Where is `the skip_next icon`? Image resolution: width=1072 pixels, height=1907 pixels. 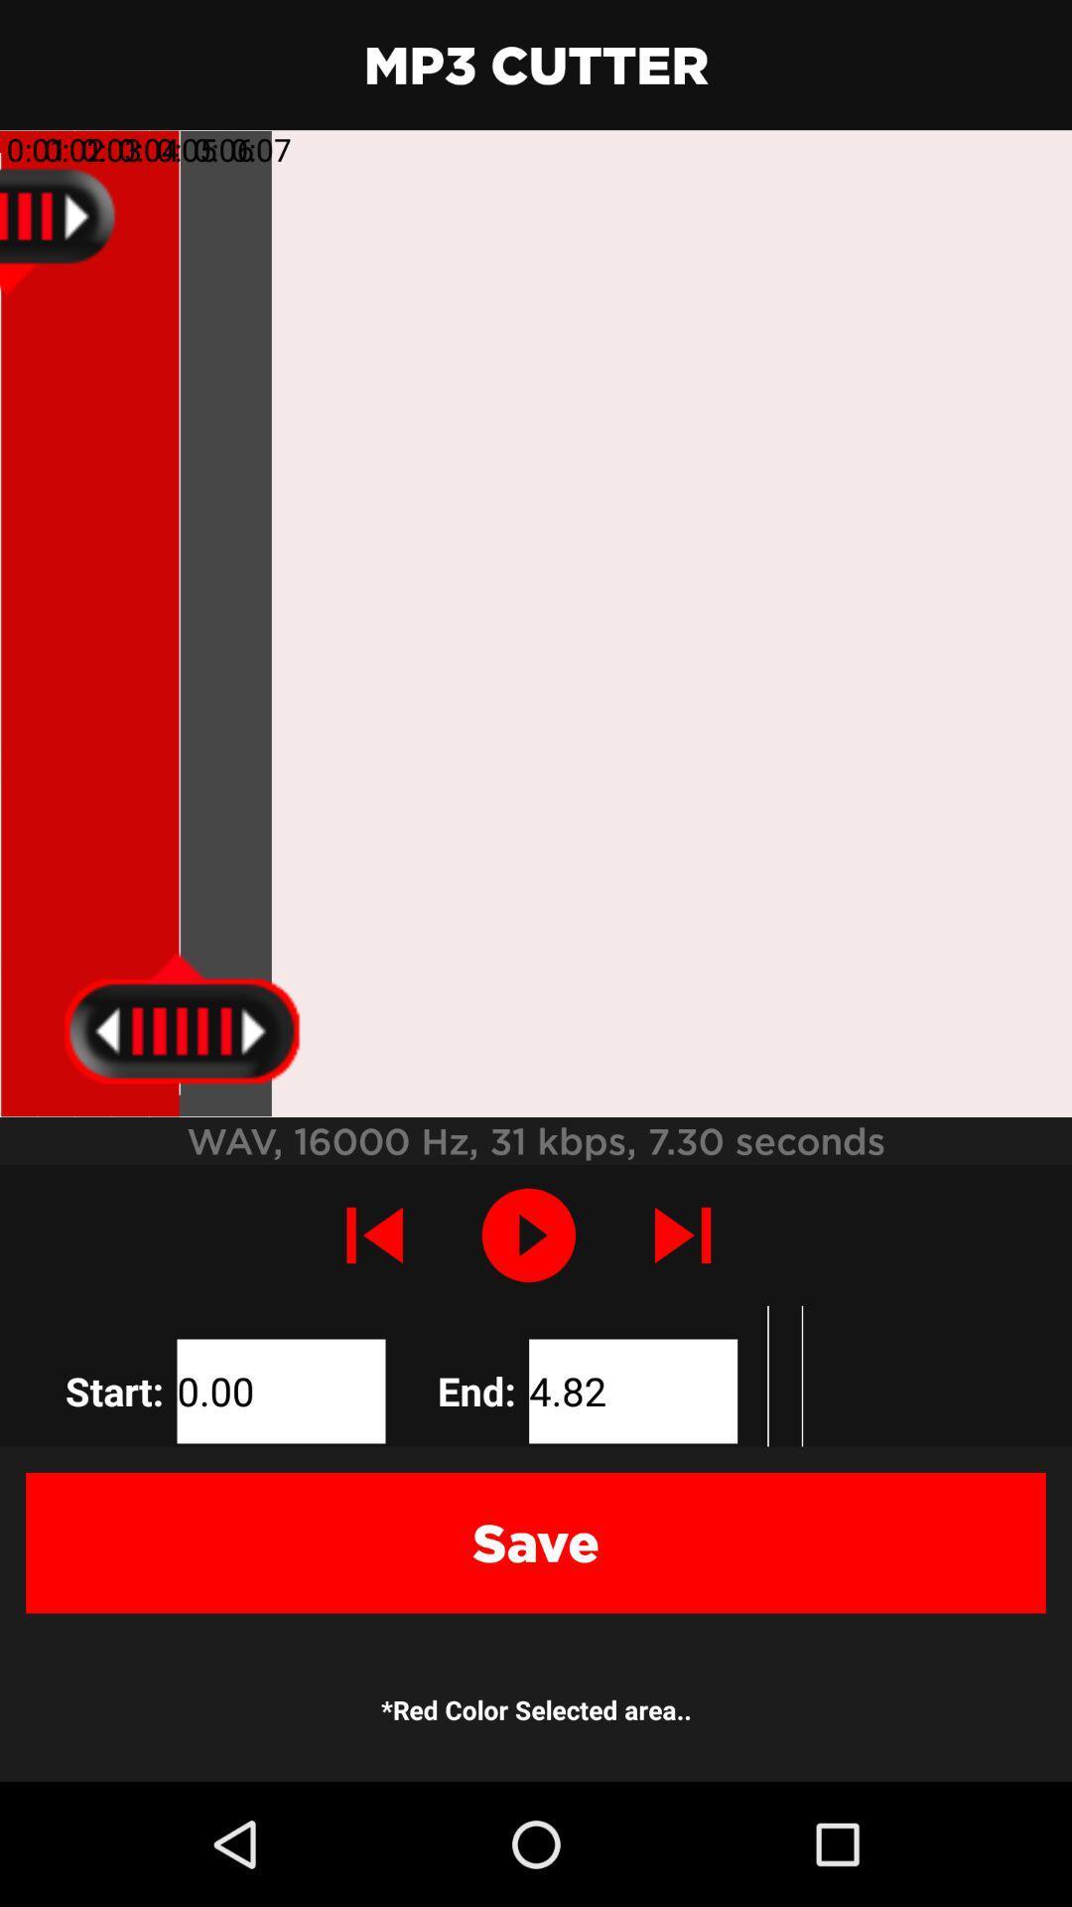
the skip_next icon is located at coordinates (682, 1234).